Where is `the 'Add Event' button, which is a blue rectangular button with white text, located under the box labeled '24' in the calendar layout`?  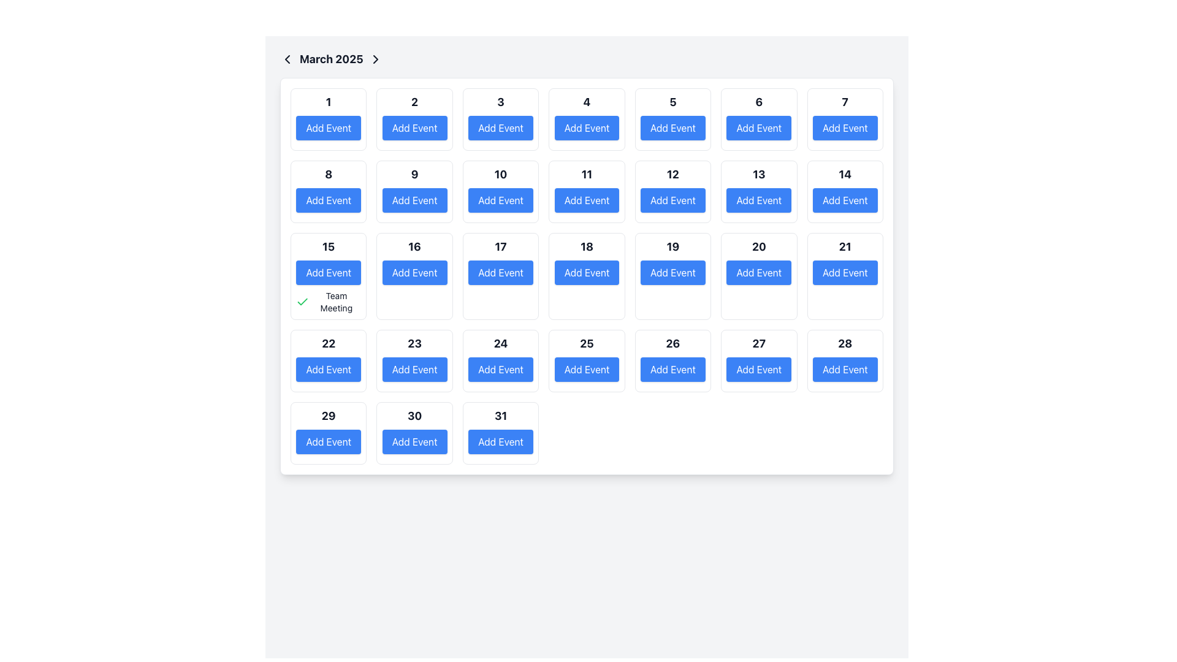
the 'Add Event' button, which is a blue rectangular button with white text, located under the box labeled '24' in the calendar layout is located at coordinates (501, 368).